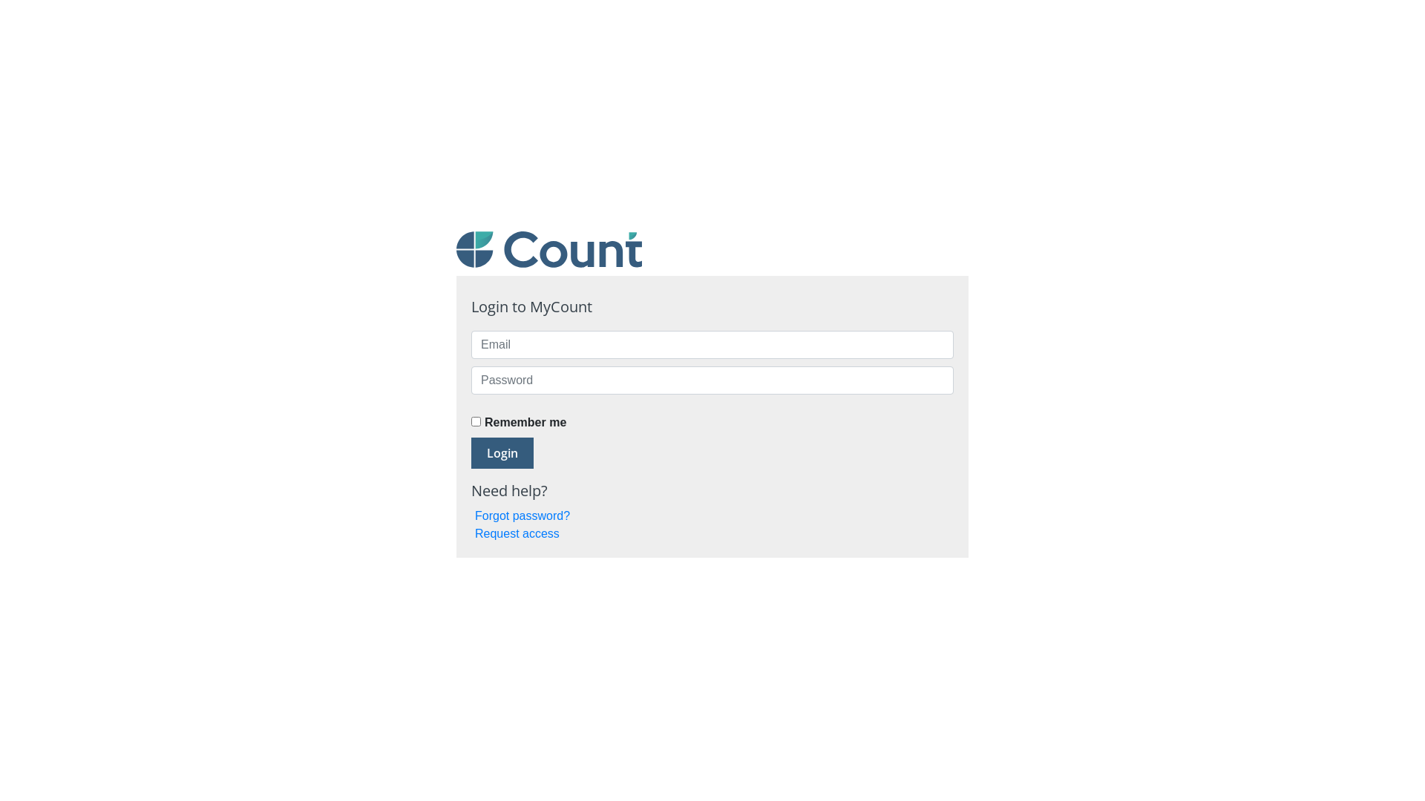 This screenshot has height=801, width=1425. What do you see at coordinates (517, 533) in the screenshot?
I see `'Request access'` at bounding box center [517, 533].